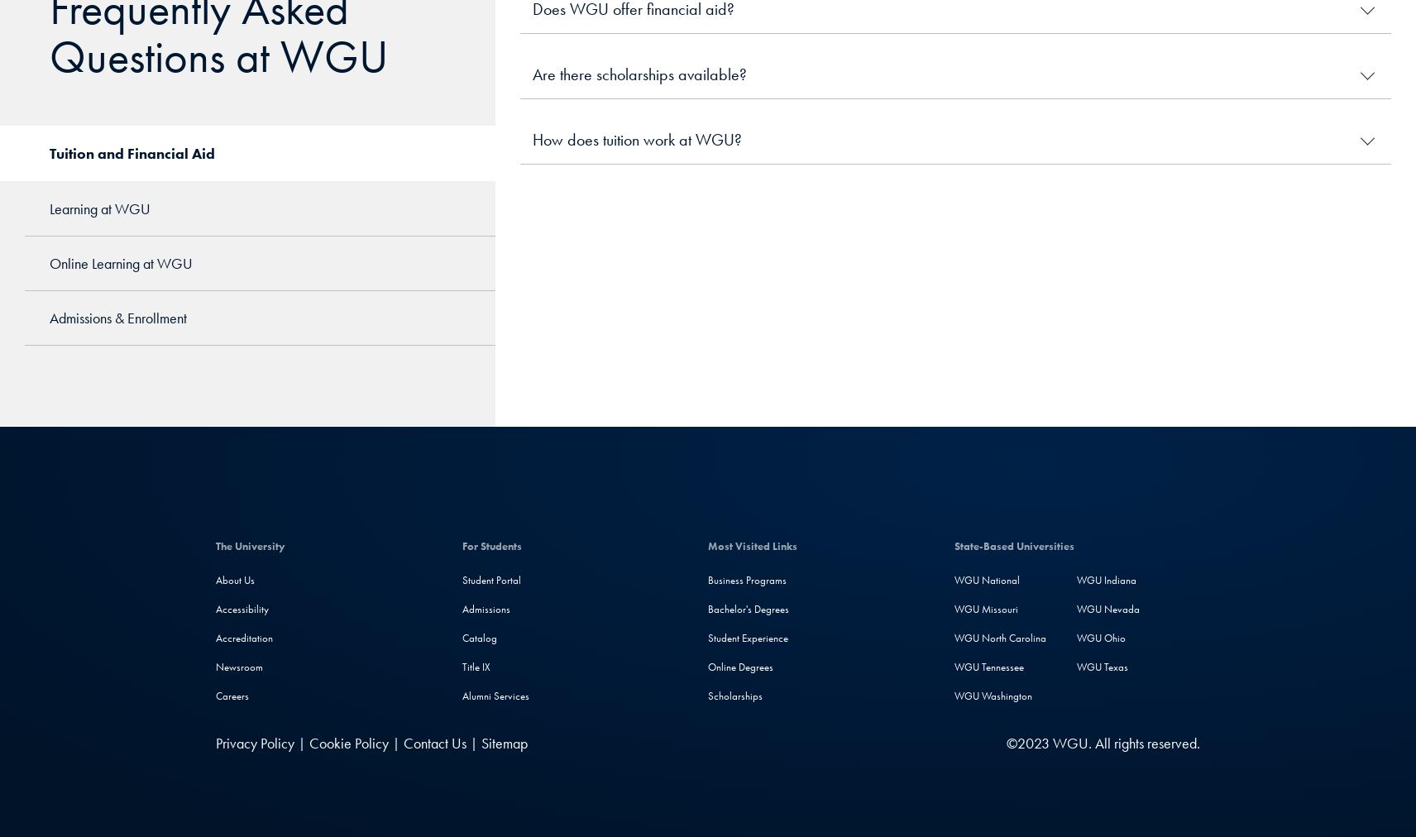 This screenshot has height=837, width=1416. I want to click on 'Most Visited Links', so click(751, 546).